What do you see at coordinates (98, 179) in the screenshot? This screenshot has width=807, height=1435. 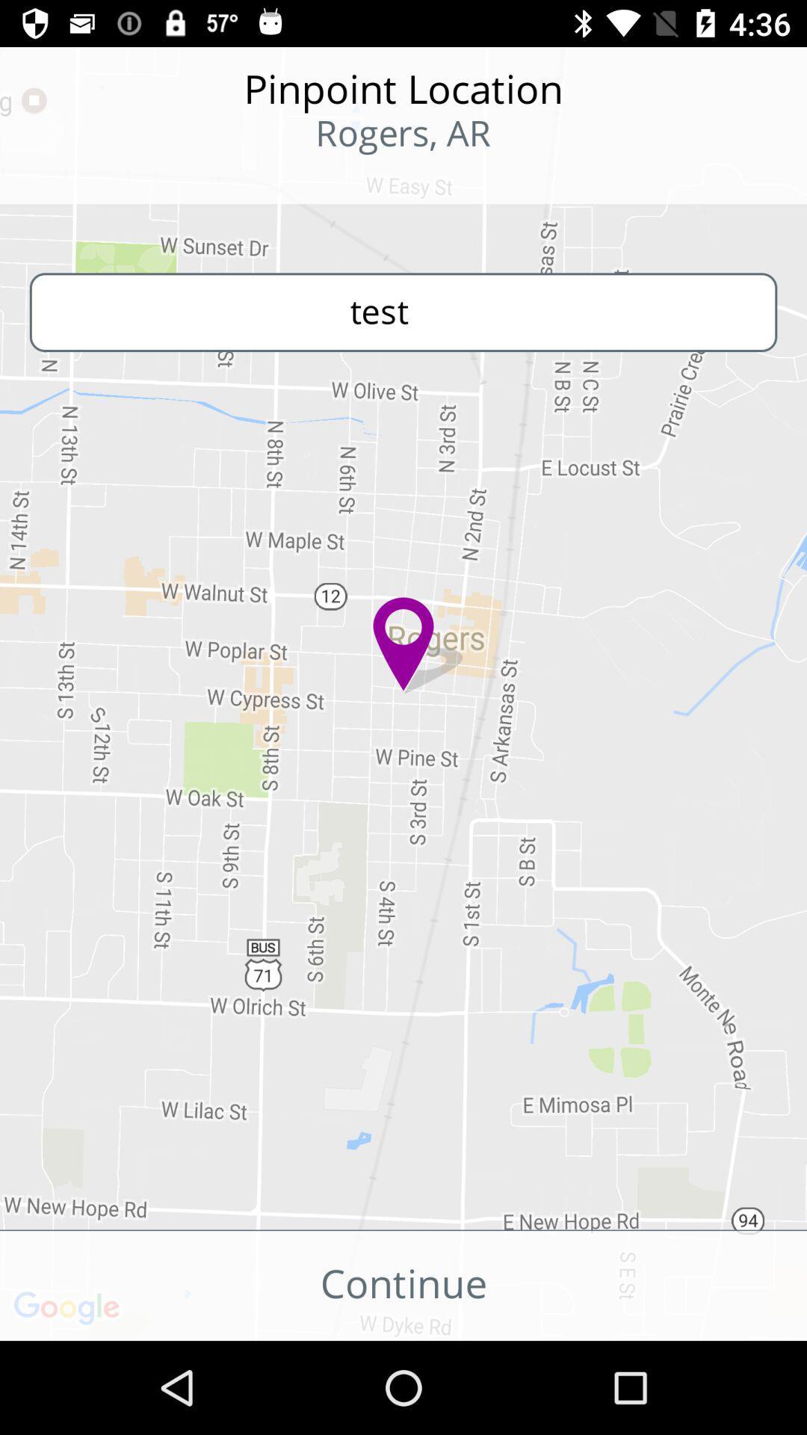 I see `the icon next to rogers, ar item` at bounding box center [98, 179].